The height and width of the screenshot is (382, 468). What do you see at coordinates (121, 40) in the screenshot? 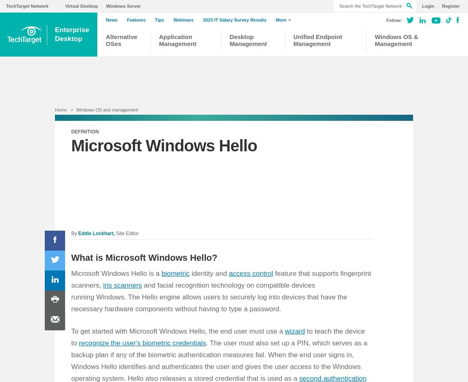
I see `'Alternative OSes'` at bounding box center [121, 40].